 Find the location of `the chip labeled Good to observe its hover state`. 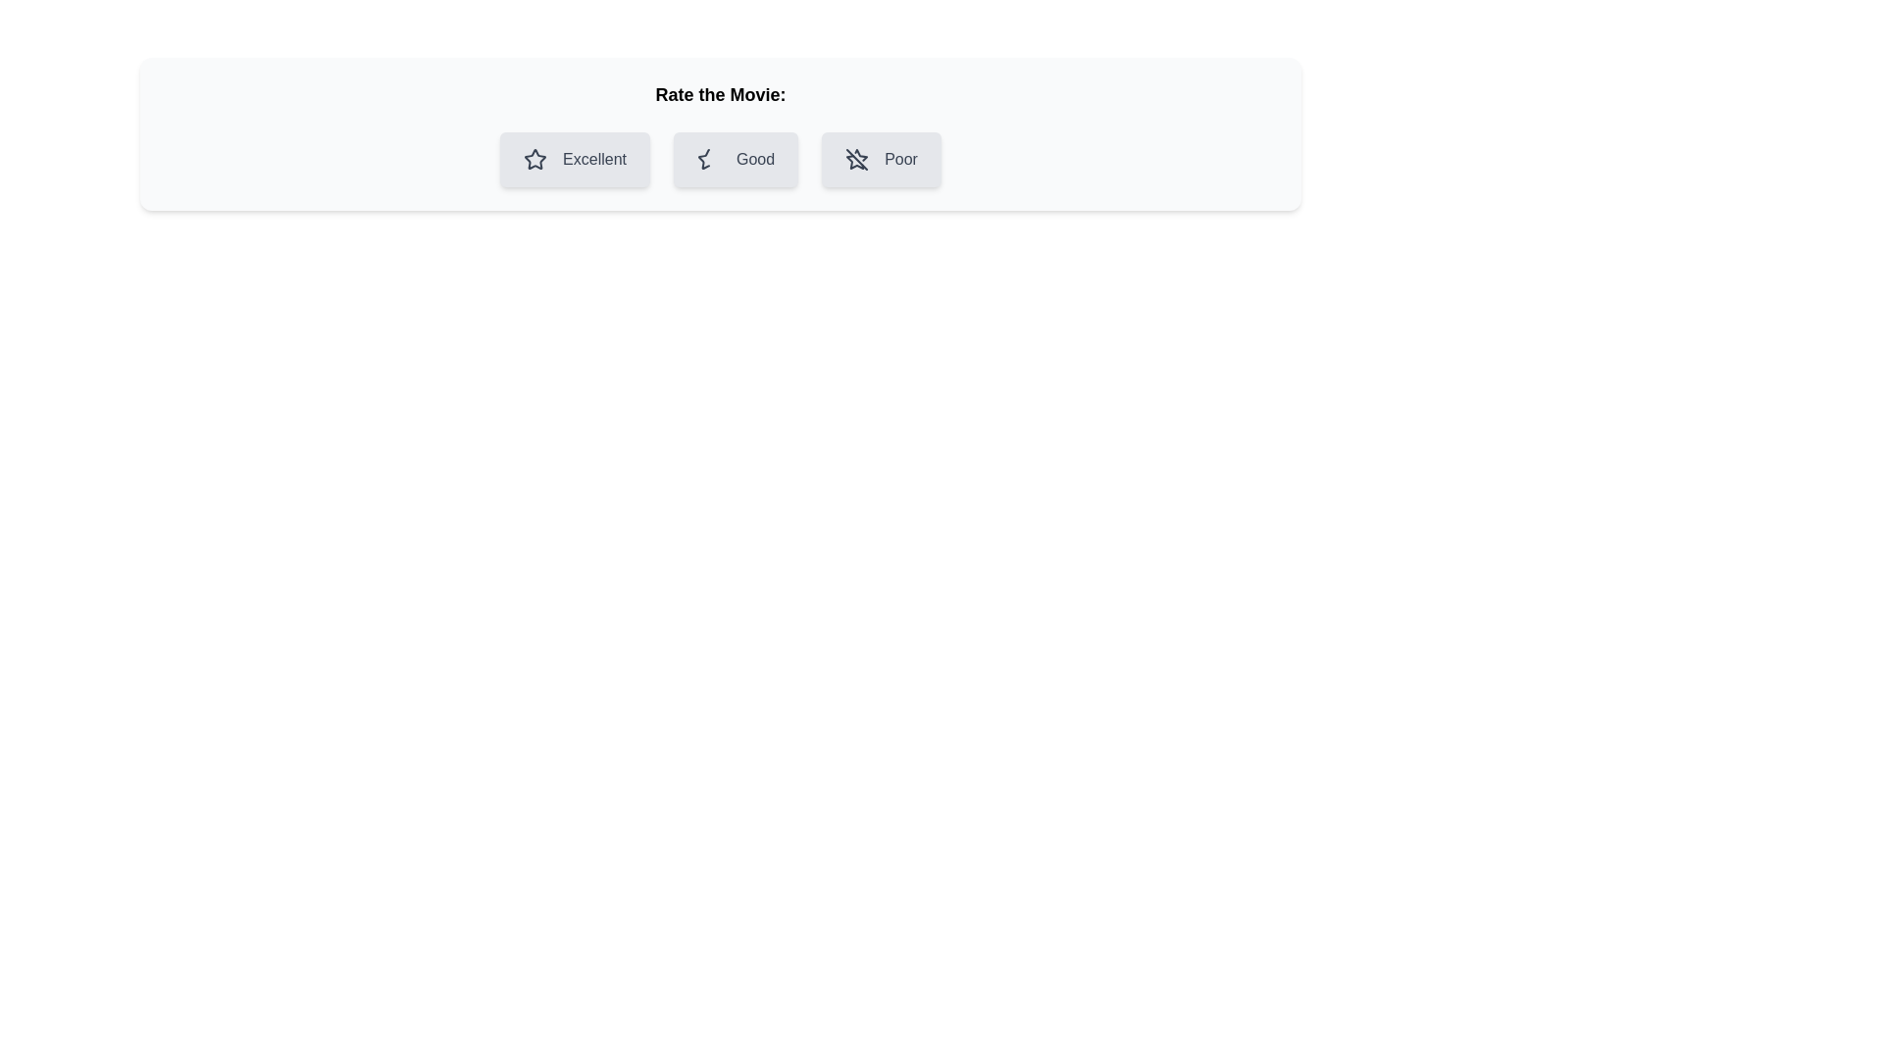

the chip labeled Good to observe its hover state is located at coordinates (734, 158).